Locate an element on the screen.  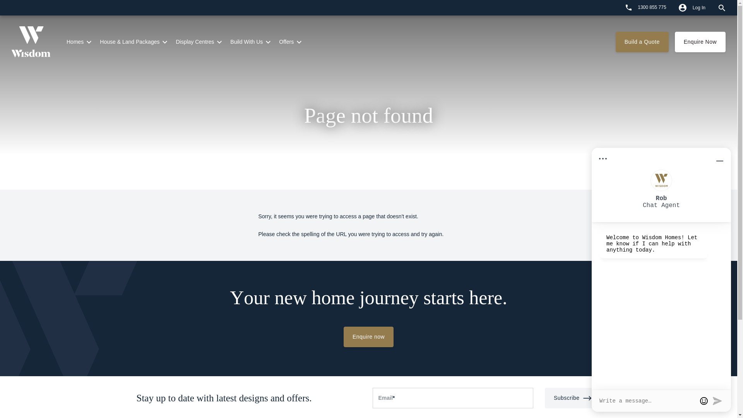
'Log In' is located at coordinates (672, 7).